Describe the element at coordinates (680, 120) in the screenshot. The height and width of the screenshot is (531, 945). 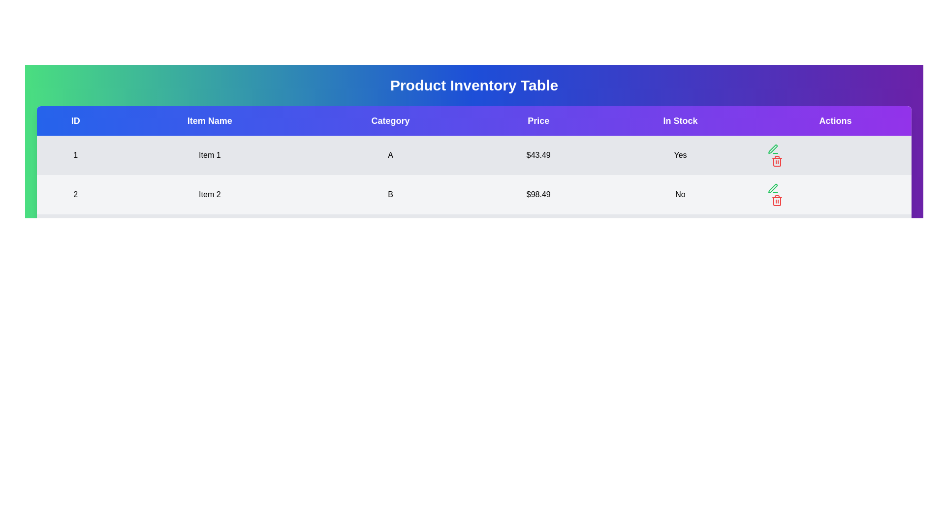
I see `the header labeled In Stock to sort or filter the table by that column` at that location.